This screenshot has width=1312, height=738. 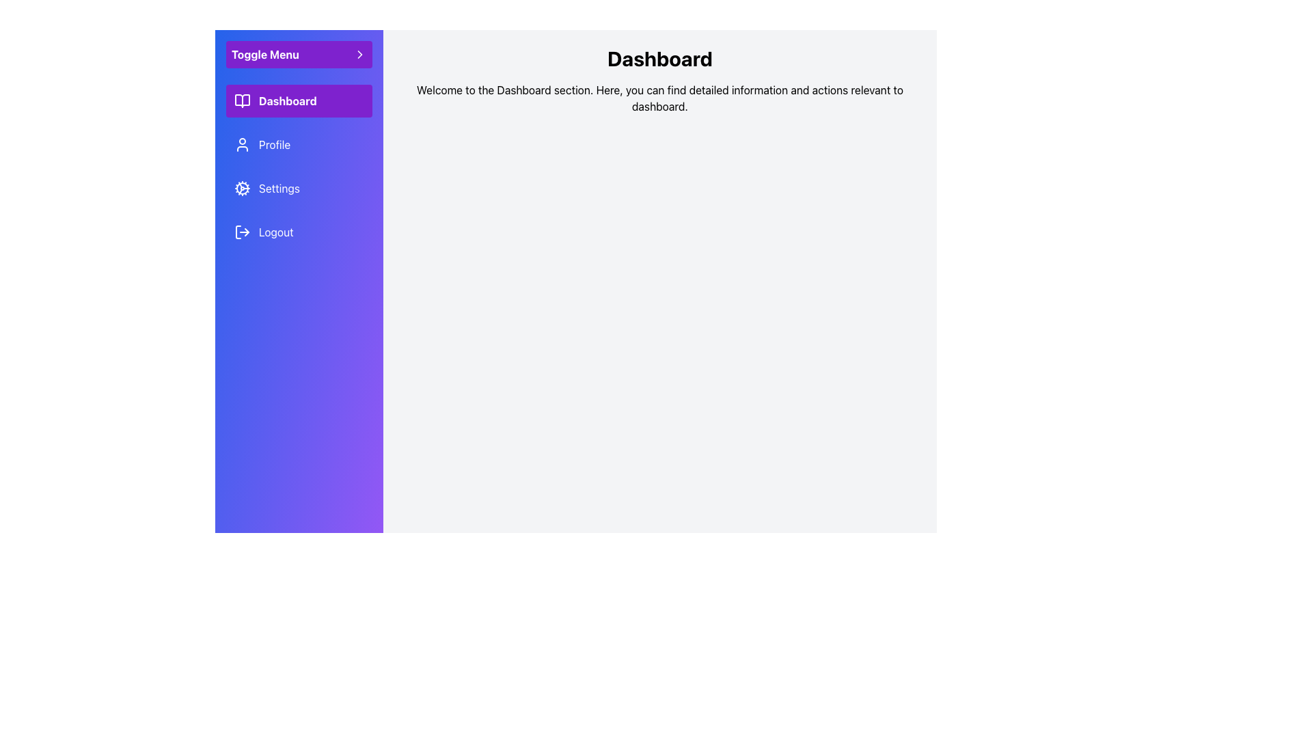 What do you see at coordinates (298, 145) in the screenshot?
I see `the 'Profile' navigation menu item located in the sidebar, which is the second item in the vertical list of menu options` at bounding box center [298, 145].